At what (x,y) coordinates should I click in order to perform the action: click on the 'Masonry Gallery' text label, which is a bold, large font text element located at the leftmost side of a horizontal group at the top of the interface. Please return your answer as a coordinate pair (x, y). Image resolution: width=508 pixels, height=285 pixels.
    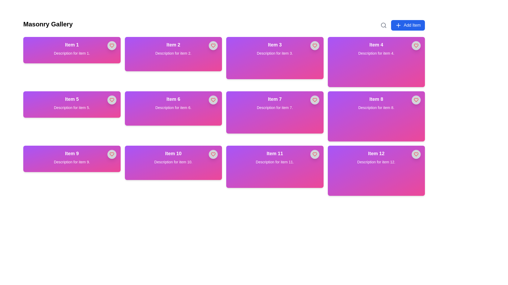
    Looking at the image, I should click on (48, 25).